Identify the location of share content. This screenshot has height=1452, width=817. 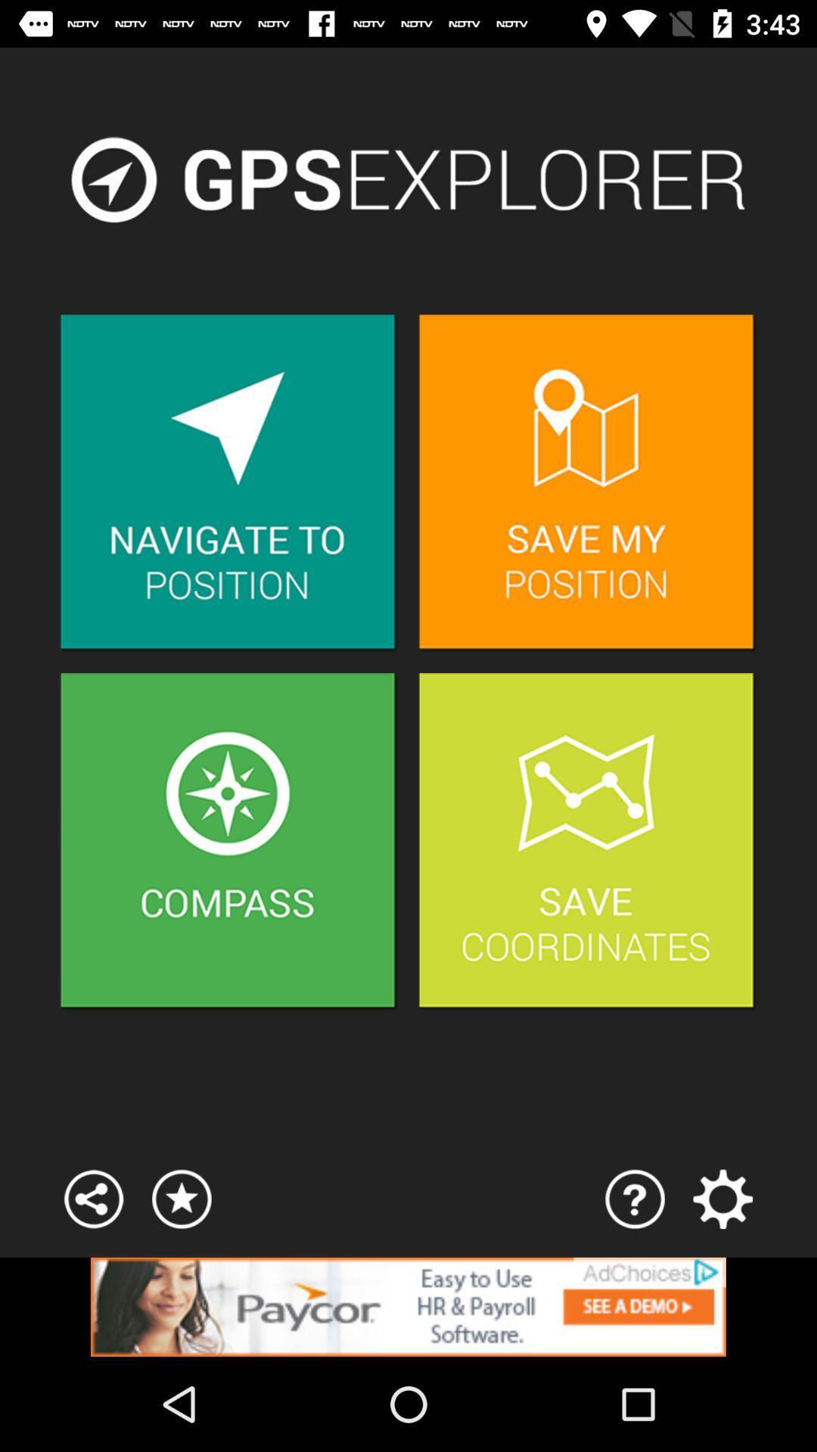
(94, 1198).